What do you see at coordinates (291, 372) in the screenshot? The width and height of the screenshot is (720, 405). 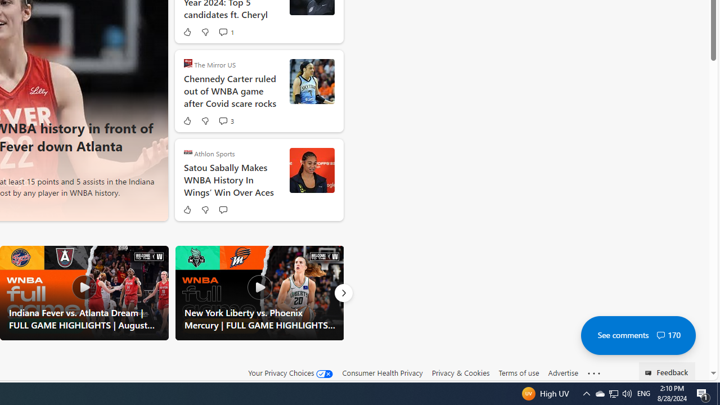 I see `'Your Privacy Choices'` at bounding box center [291, 372].